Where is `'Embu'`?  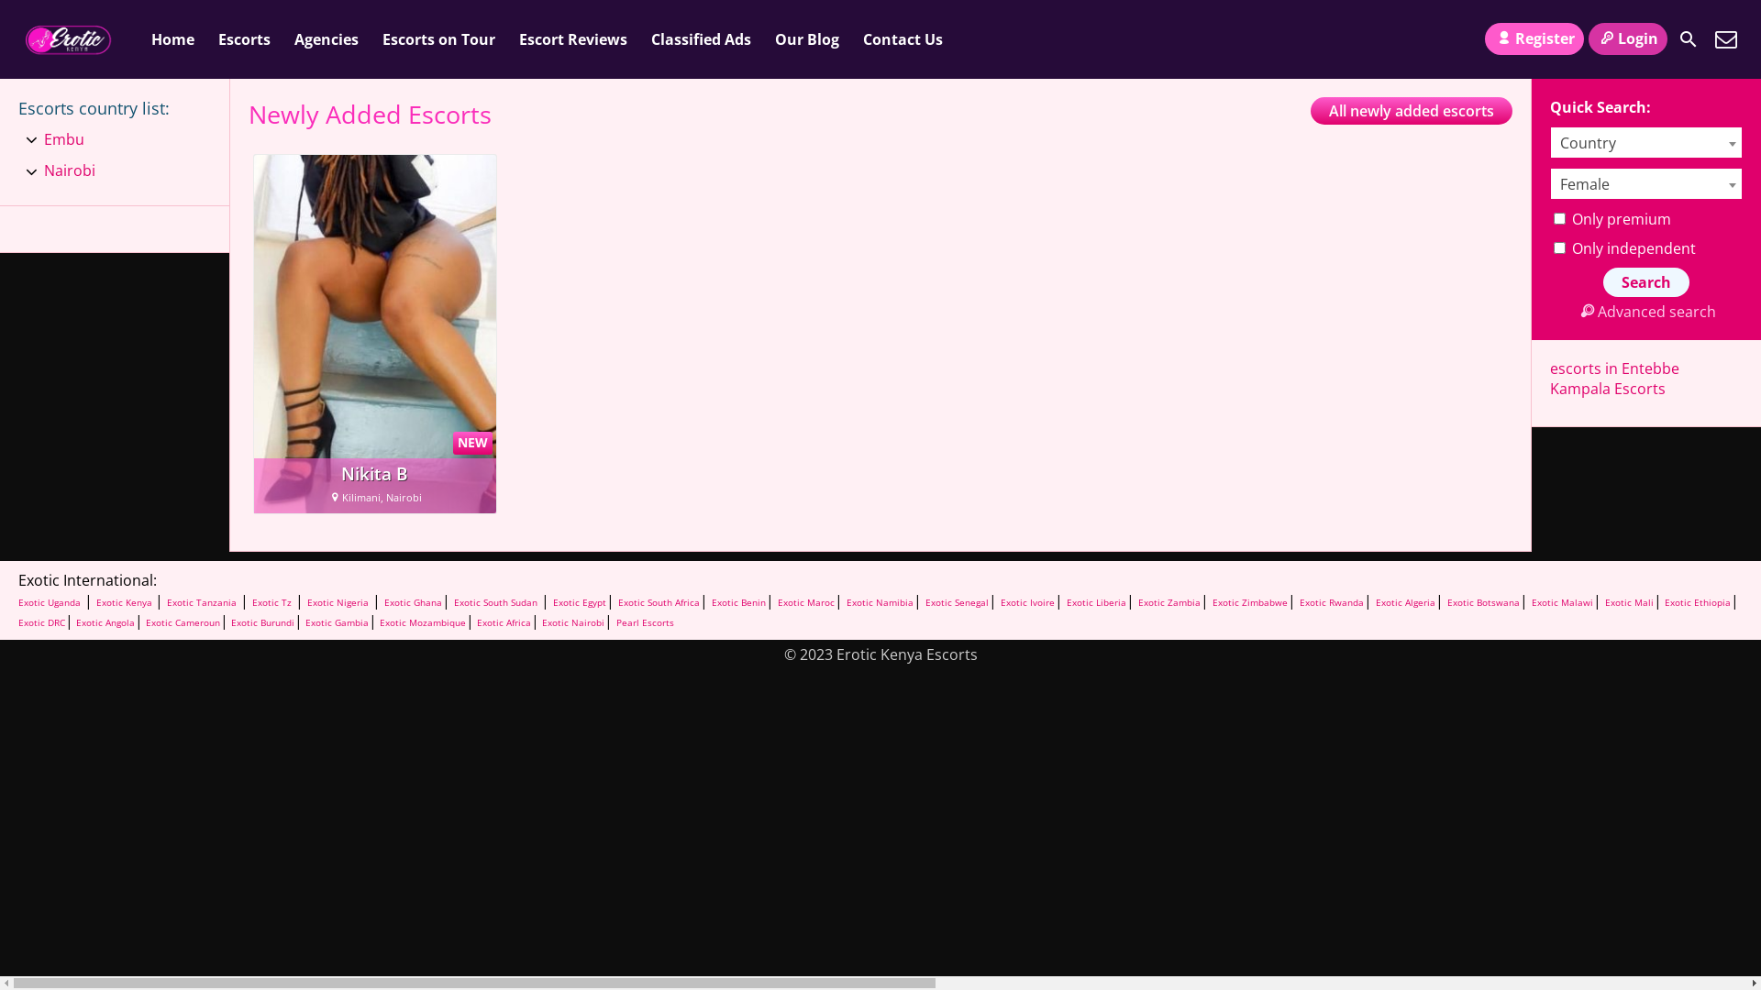 'Embu' is located at coordinates (44, 139).